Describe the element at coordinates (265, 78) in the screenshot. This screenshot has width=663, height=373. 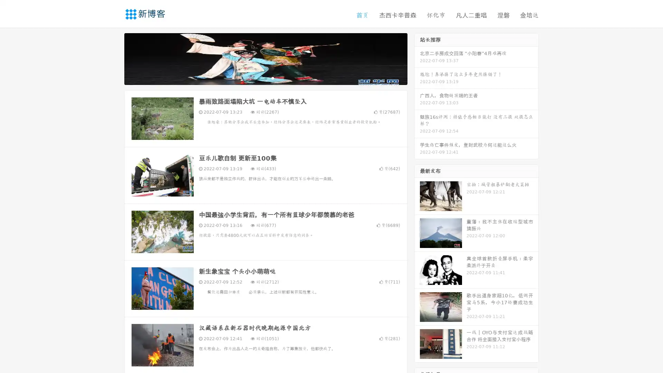
I see `Go to slide 2` at that location.